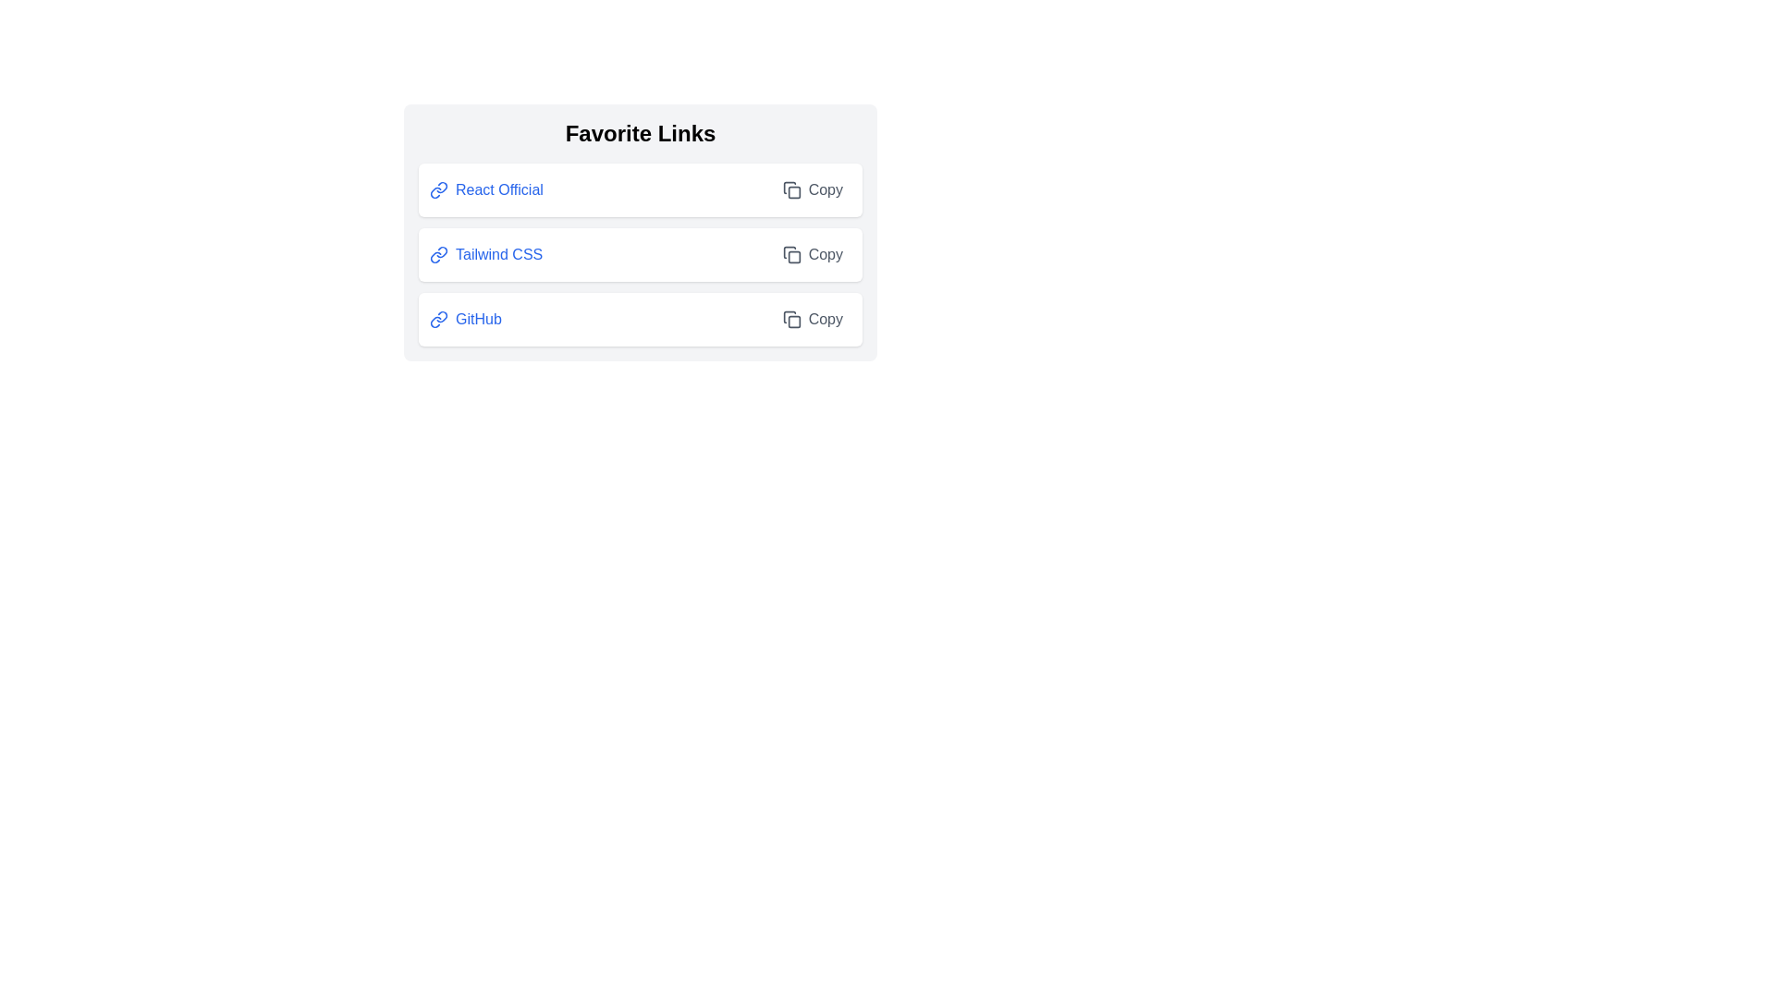  What do you see at coordinates (486, 255) in the screenshot?
I see `the blue text link reading 'Tailwind CSS'` at bounding box center [486, 255].